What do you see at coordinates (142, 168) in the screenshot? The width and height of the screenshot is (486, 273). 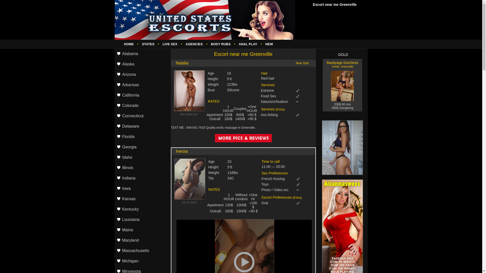 I see `'Illinois'` at bounding box center [142, 168].